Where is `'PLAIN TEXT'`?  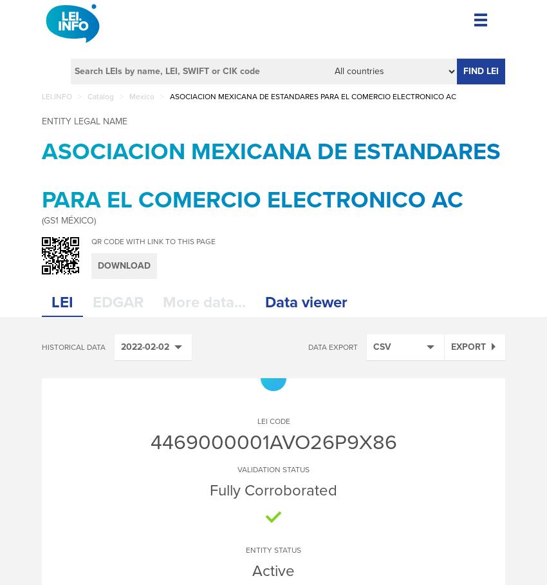
'PLAIN TEXT' is located at coordinates (411, 521).